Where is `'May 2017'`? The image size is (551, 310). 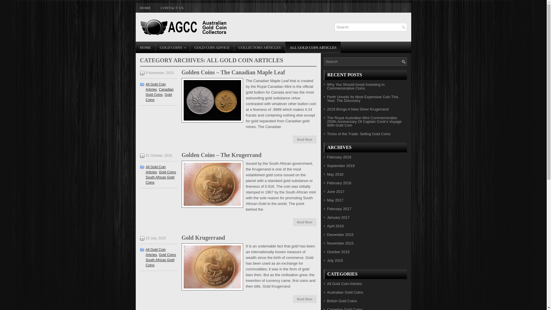
'May 2017' is located at coordinates (335, 200).